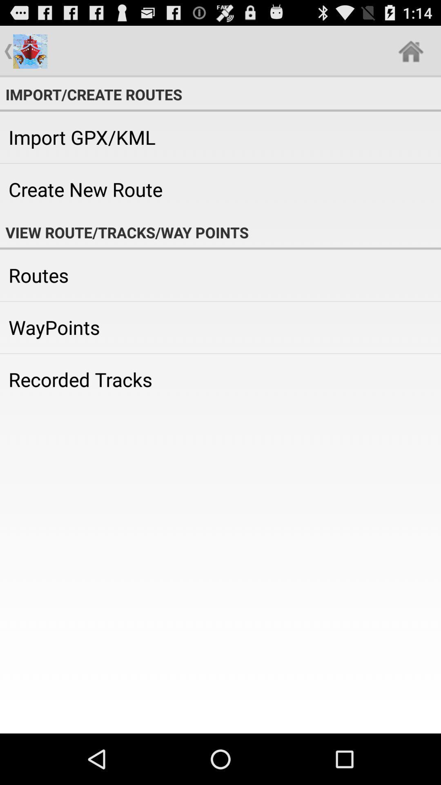 The width and height of the screenshot is (441, 785). Describe the element at coordinates (220, 189) in the screenshot. I see `create new route` at that location.